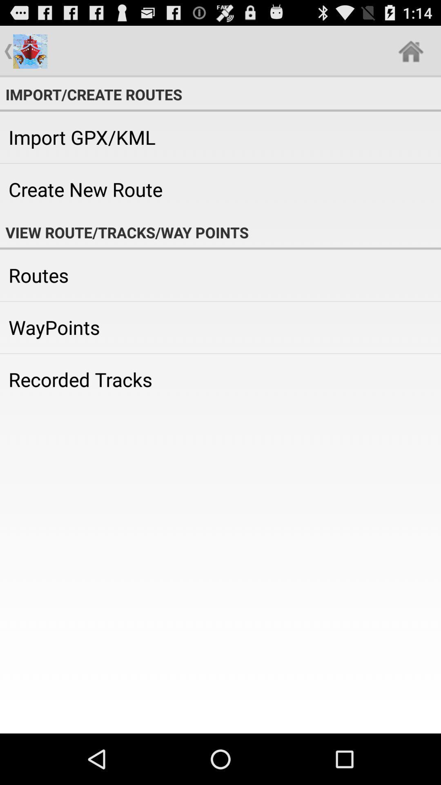 The width and height of the screenshot is (441, 785). Describe the element at coordinates (220, 189) in the screenshot. I see `create new route` at that location.